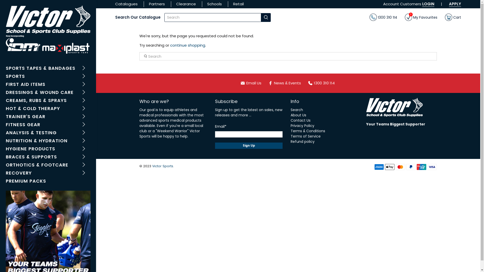 This screenshot has height=272, width=484. What do you see at coordinates (48, 117) in the screenshot?
I see `'TRAINER'S GEAR'` at bounding box center [48, 117].